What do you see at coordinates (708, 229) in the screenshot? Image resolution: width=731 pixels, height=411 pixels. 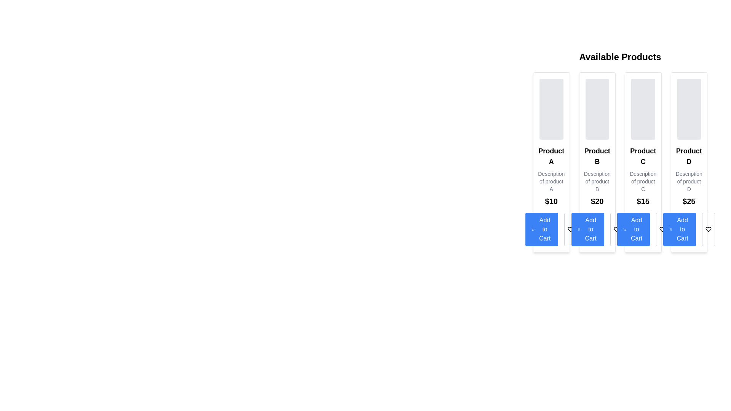 I see `the heart icon located to the left of the 'Add to Cart' button for Product D to mark it as a favorite` at bounding box center [708, 229].